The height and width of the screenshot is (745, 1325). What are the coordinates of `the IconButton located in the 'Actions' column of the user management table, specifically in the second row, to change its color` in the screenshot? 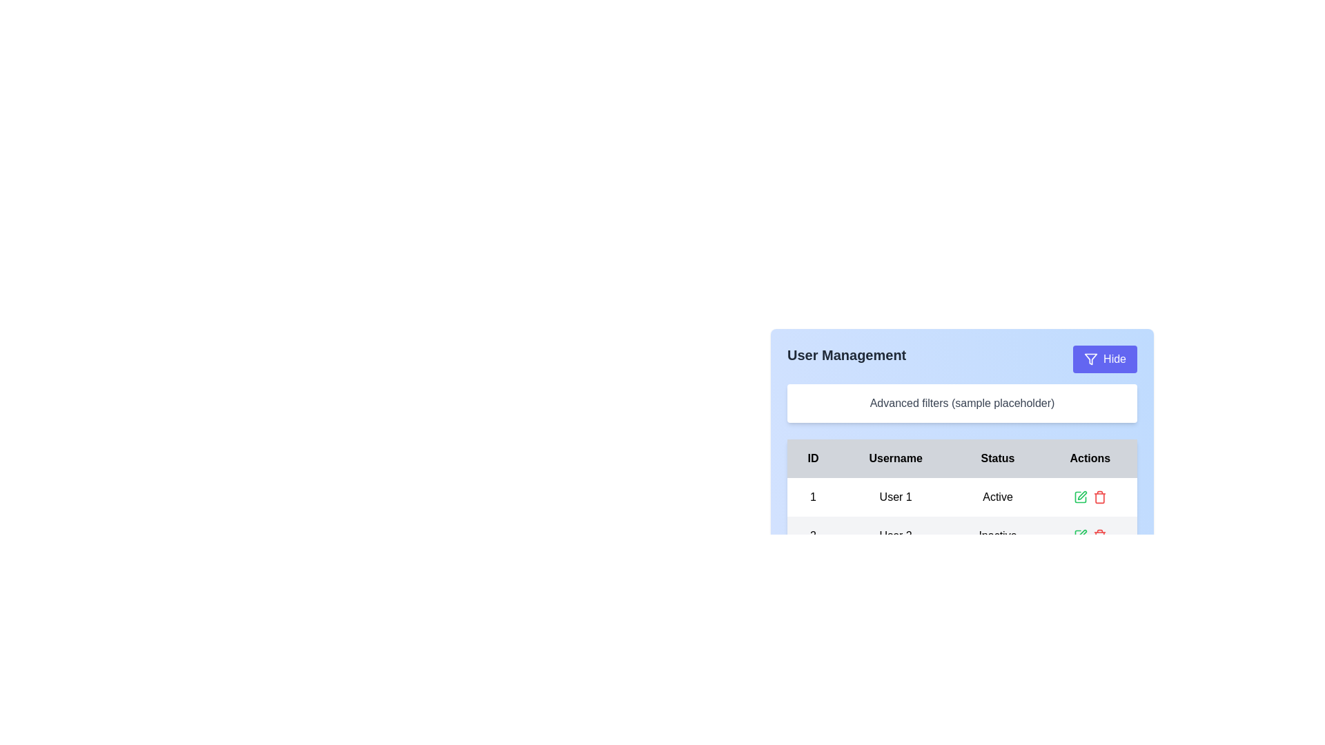 It's located at (1099, 535).